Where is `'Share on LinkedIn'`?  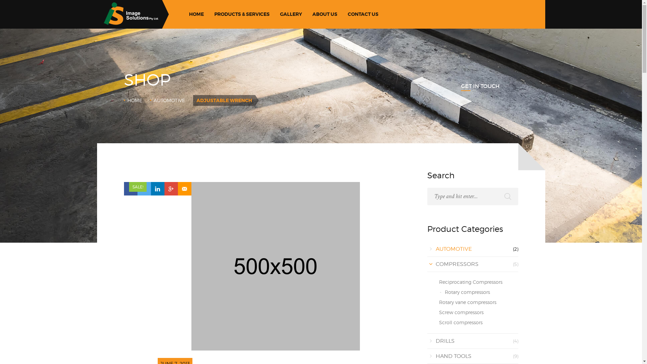
'Share on LinkedIn' is located at coordinates (157, 188).